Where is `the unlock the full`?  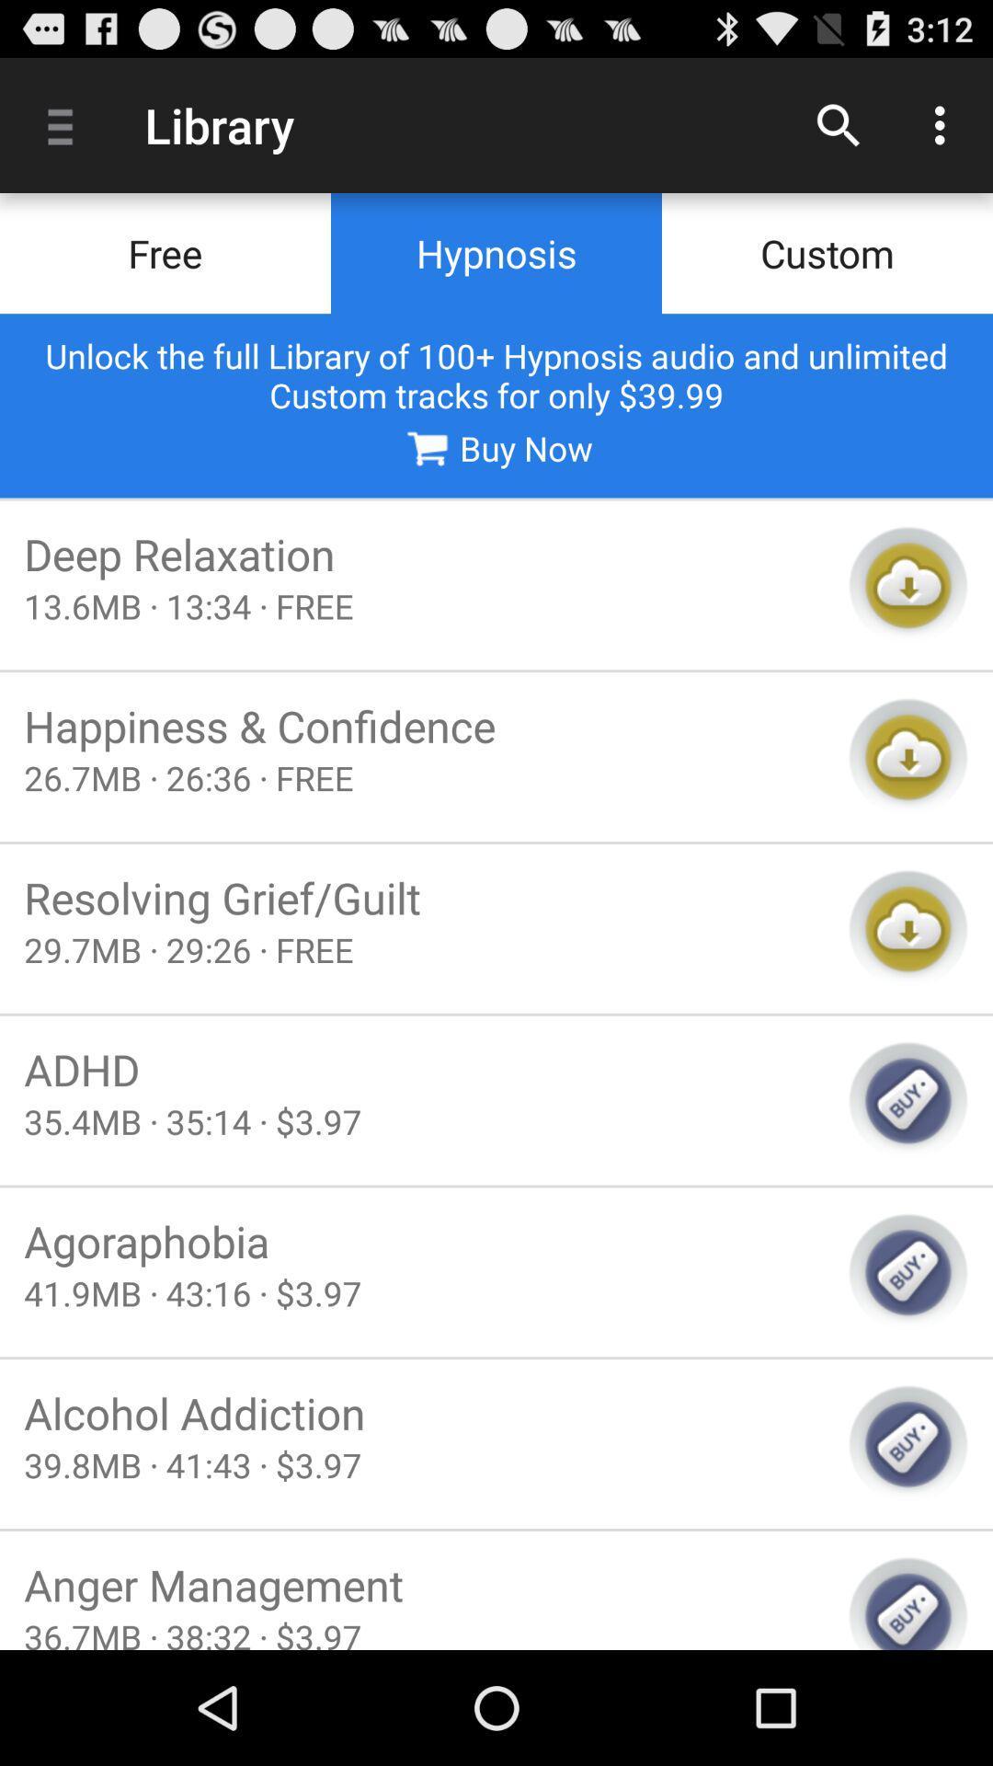
the unlock the full is located at coordinates (496, 374).